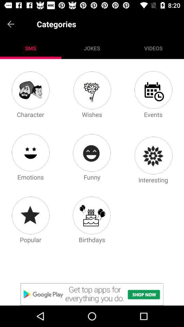 The width and height of the screenshot is (184, 327). I want to click on emotions, so click(30, 153).